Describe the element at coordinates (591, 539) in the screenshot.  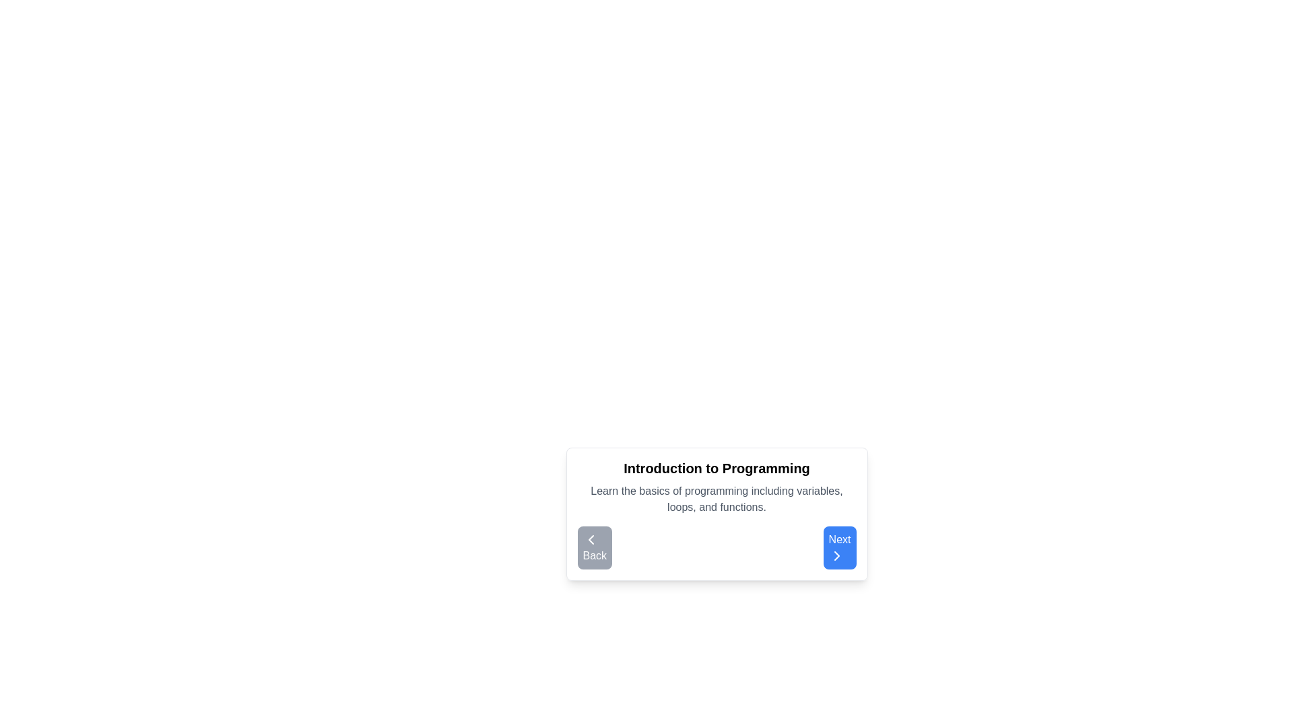
I see `the back action icon located inside the 'Back' button at the far left of the dialog box titled 'Introduction to Programming.'` at that location.